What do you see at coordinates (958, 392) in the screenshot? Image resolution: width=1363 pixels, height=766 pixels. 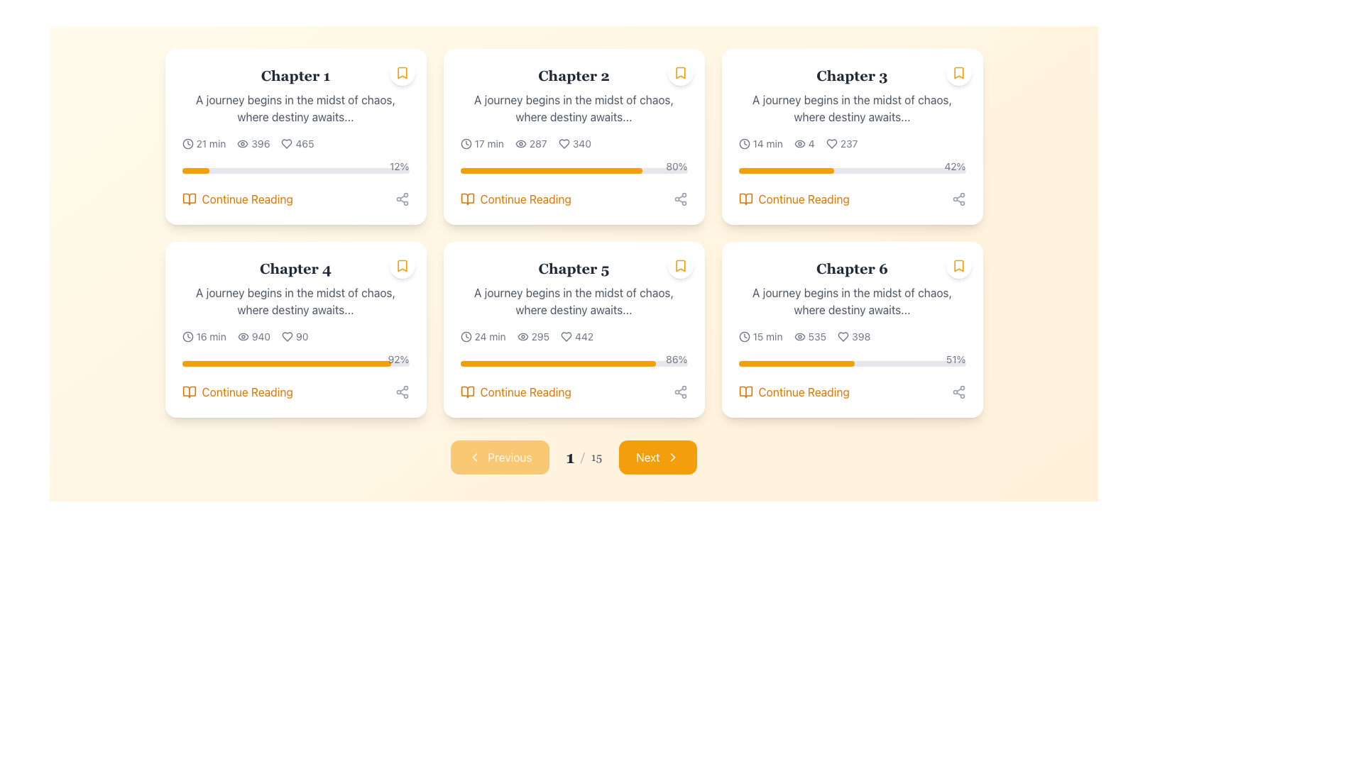 I see `the Share button located at the bottom-right corner of the 'Chapter 6' card` at bounding box center [958, 392].